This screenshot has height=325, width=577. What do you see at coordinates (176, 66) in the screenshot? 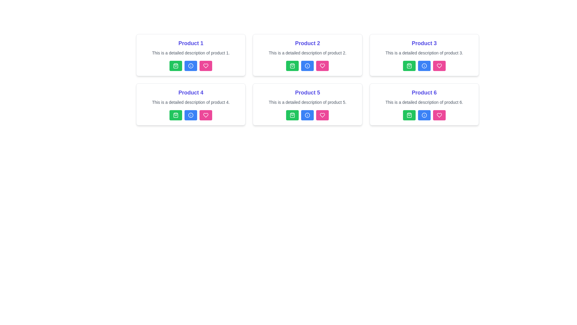
I see `the icon within the green button in the first row and leftmost column of the grid layout, associated with 'Product 1'` at bounding box center [176, 66].